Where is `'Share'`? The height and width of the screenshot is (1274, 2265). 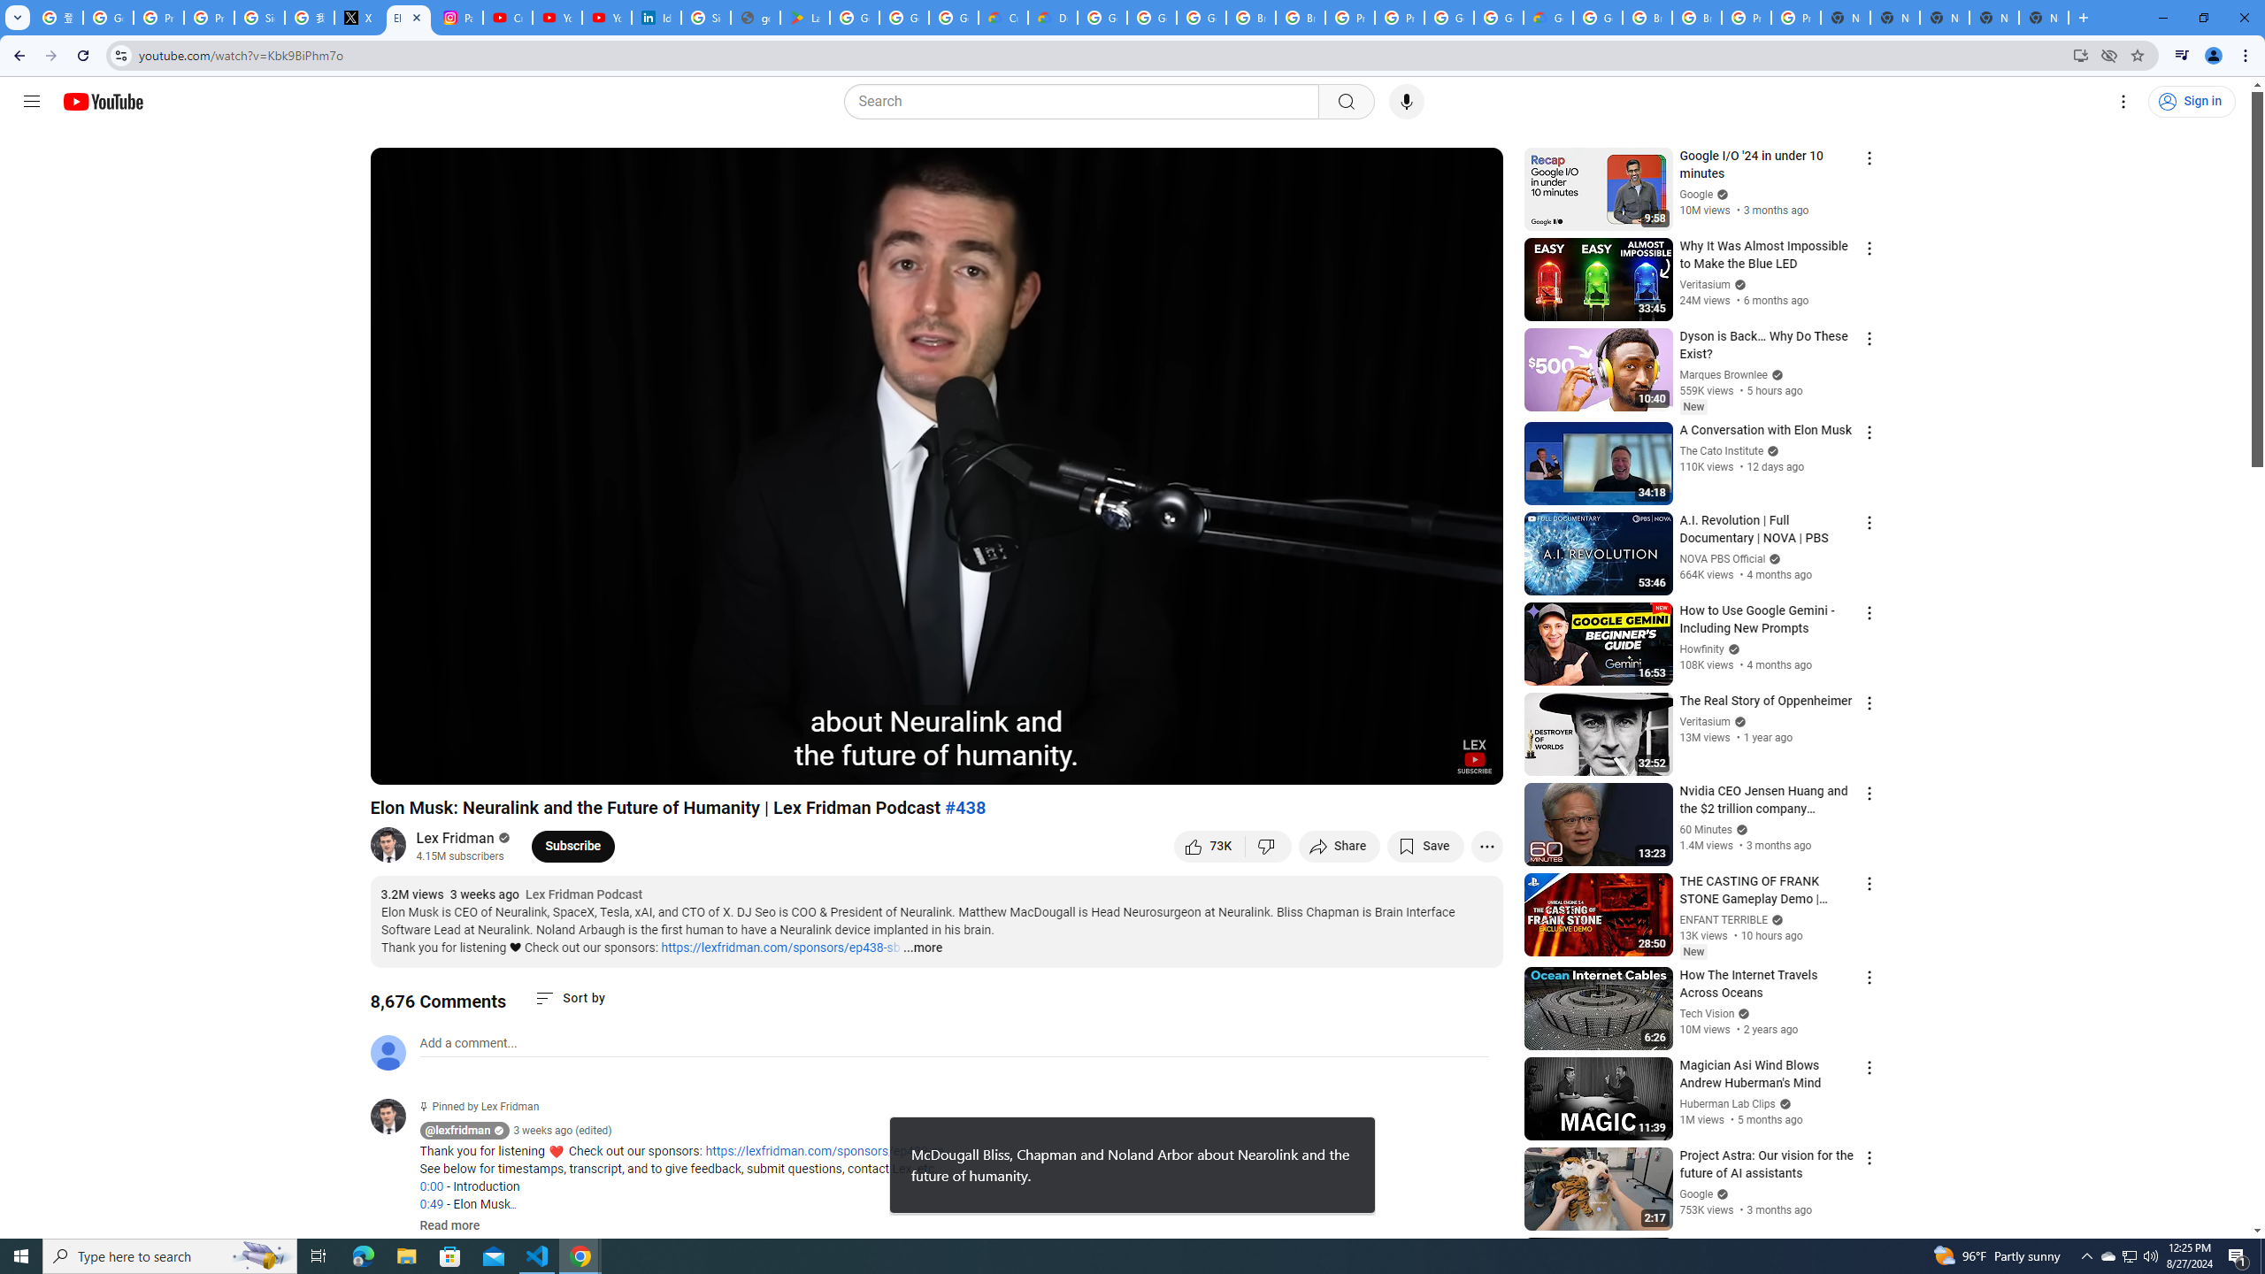
'Share' is located at coordinates (1339, 845).